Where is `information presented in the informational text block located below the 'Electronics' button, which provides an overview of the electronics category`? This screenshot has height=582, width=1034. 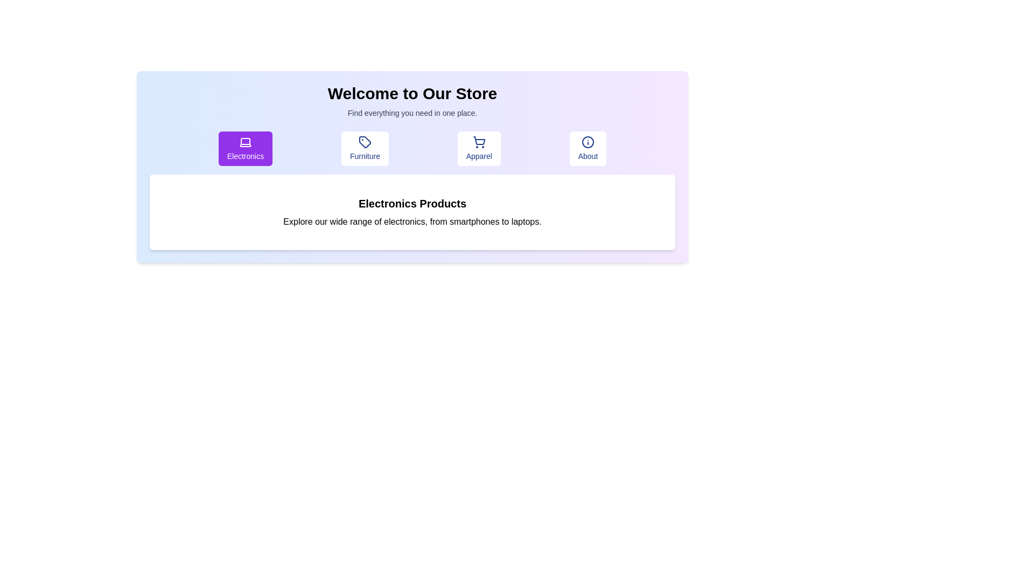 information presented in the informational text block located below the 'Electronics' button, which provides an overview of the electronics category is located at coordinates (412, 212).